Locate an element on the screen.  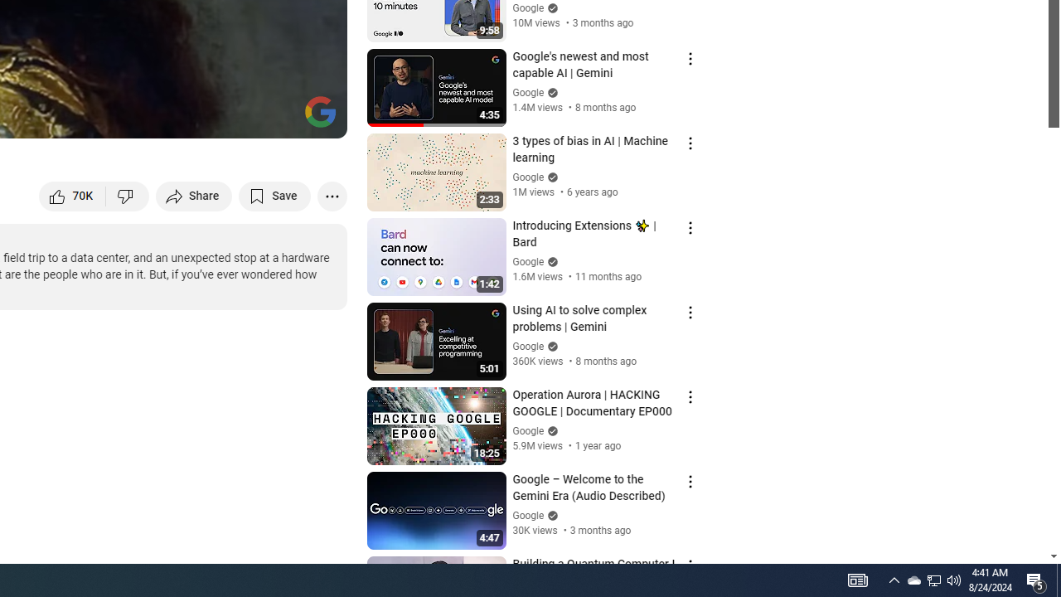
'Subtitles/closed captions unavailable' is located at coordinates (157, 117).